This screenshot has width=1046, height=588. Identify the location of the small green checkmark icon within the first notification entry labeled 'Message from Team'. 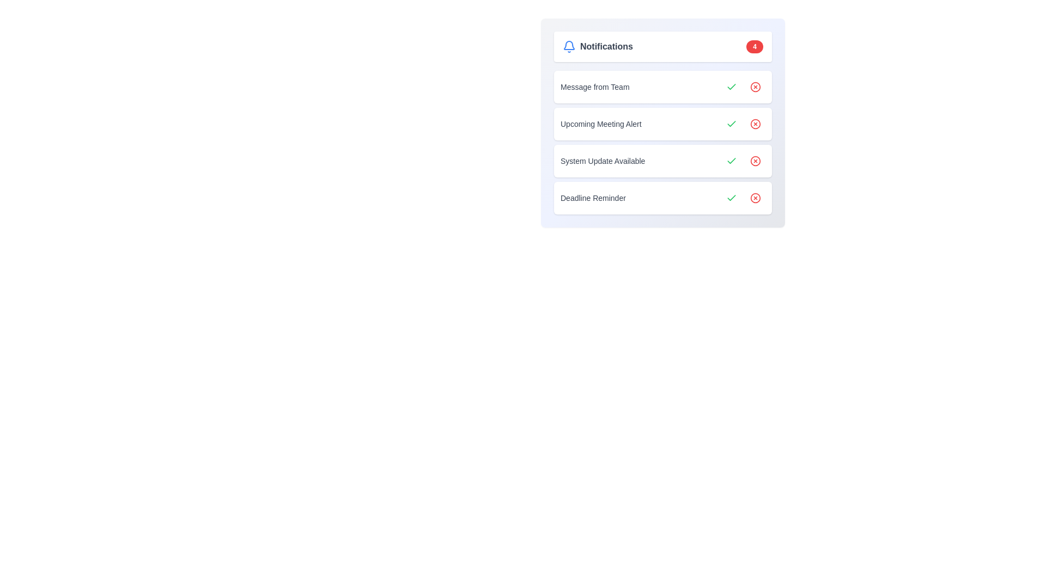
(732, 86).